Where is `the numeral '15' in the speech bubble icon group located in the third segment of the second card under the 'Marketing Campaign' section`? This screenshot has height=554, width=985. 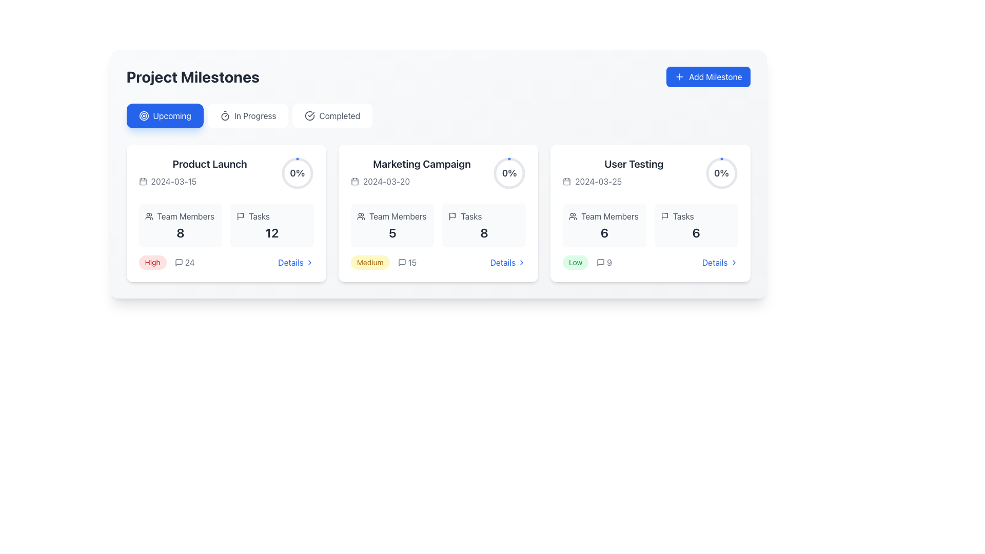
the numeral '15' in the speech bubble icon group located in the third segment of the second card under the 'Marketing Campaign' section is located at coordinates (406, 262).